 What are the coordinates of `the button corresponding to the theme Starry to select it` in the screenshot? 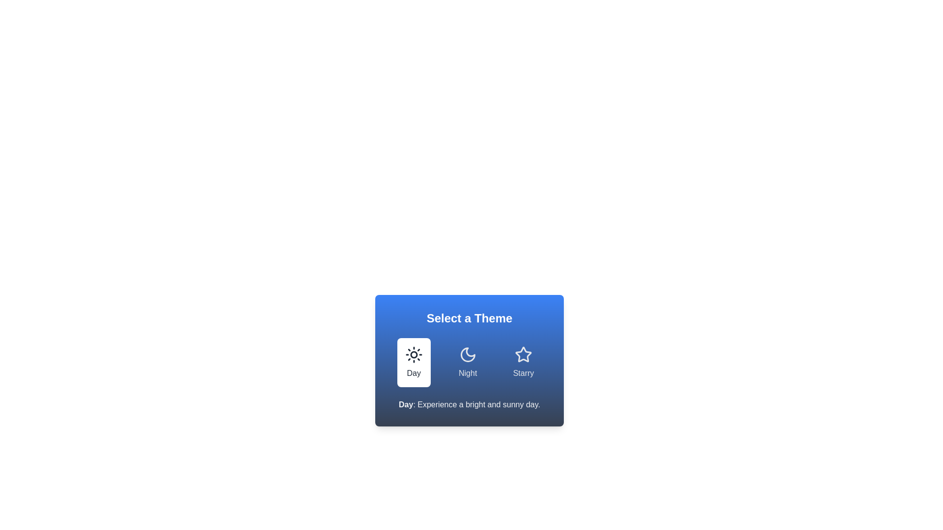 It's located at (523, 363).